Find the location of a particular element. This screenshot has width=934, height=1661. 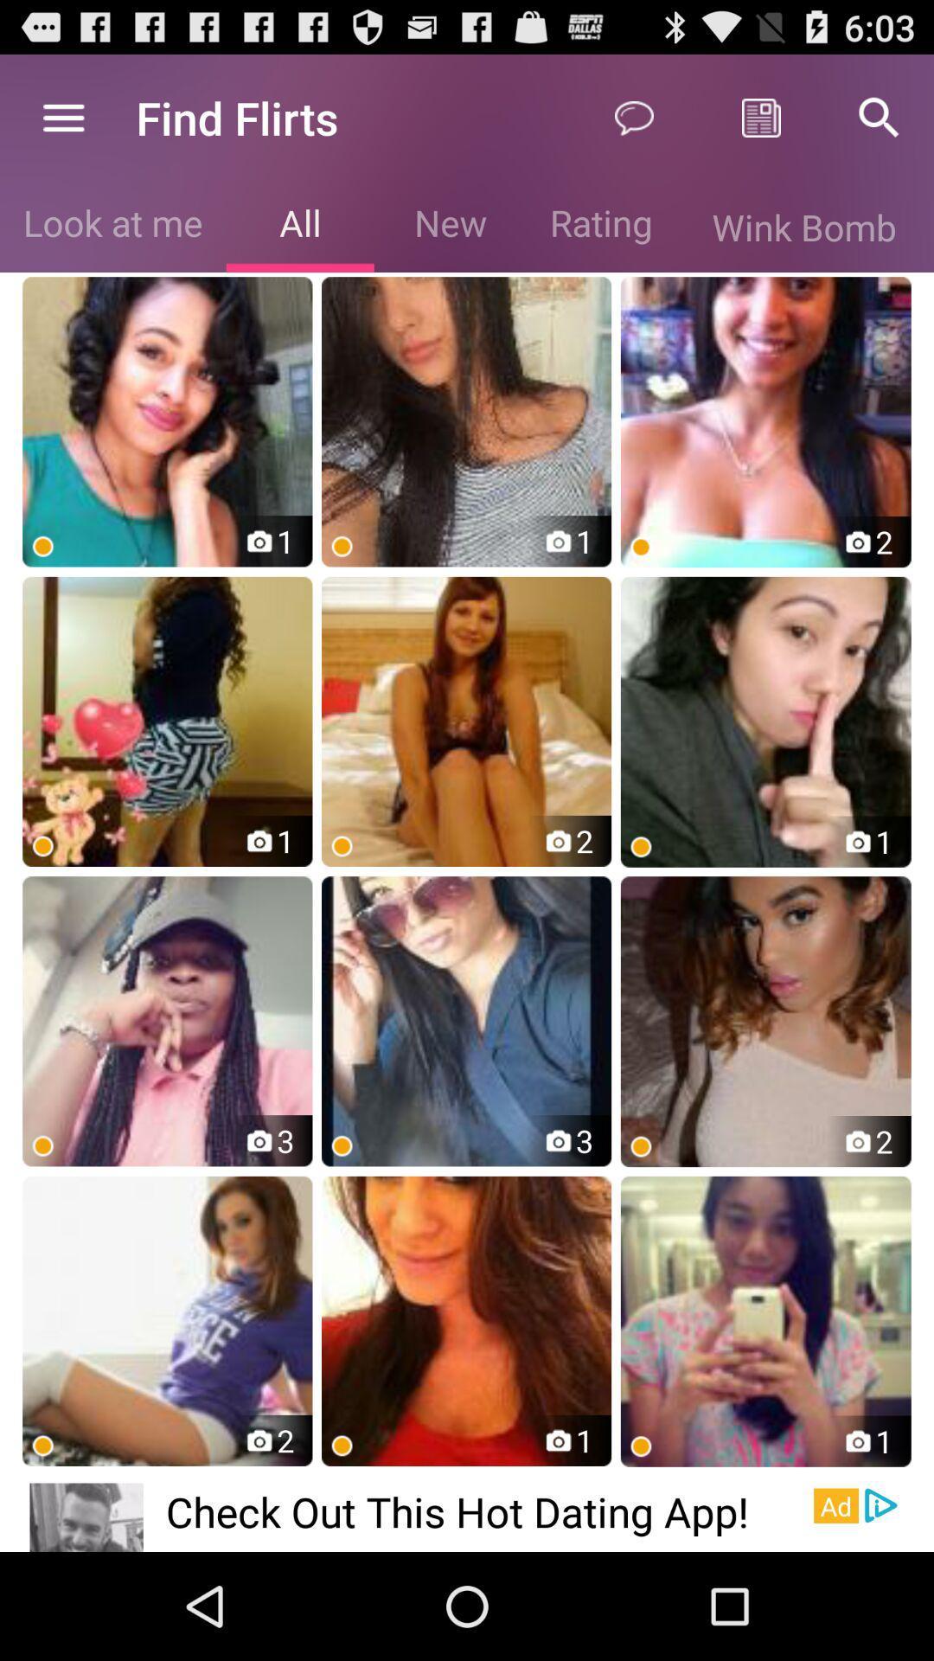

app next to check out this app is located at coordinates (86, 1517).